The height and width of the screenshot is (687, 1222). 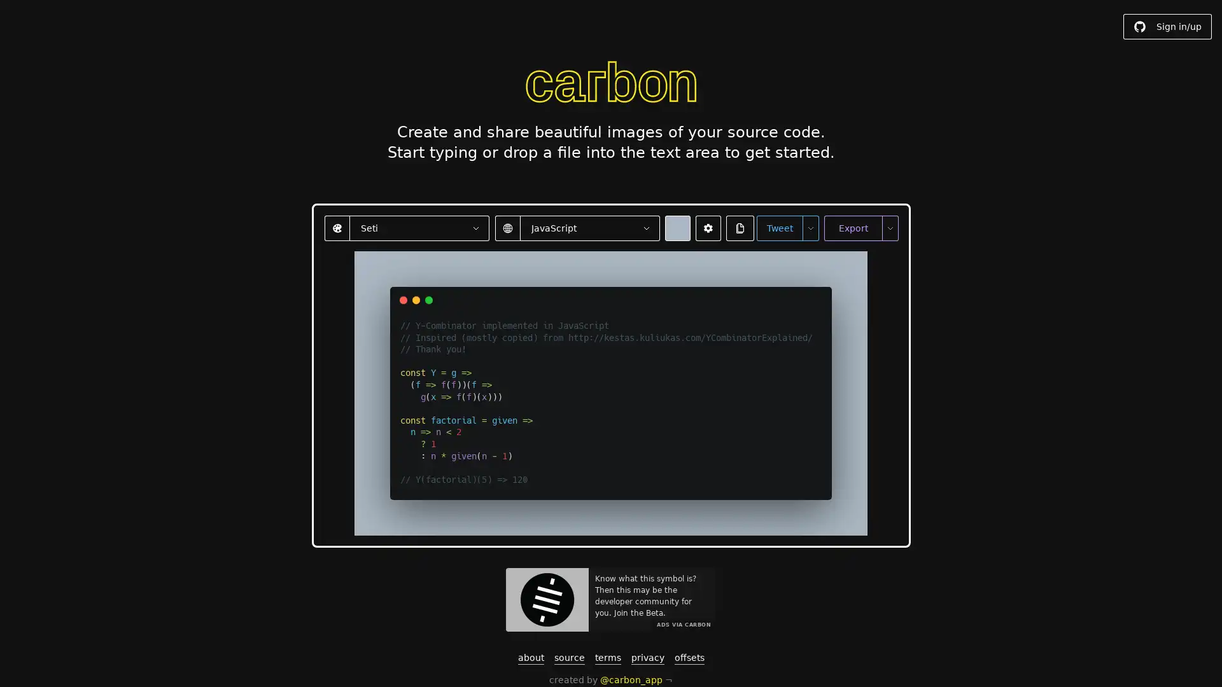 What do you see at coordinates (778, 227) in the screenshot?
I see `Tweet` at bounding box center [778, 227].